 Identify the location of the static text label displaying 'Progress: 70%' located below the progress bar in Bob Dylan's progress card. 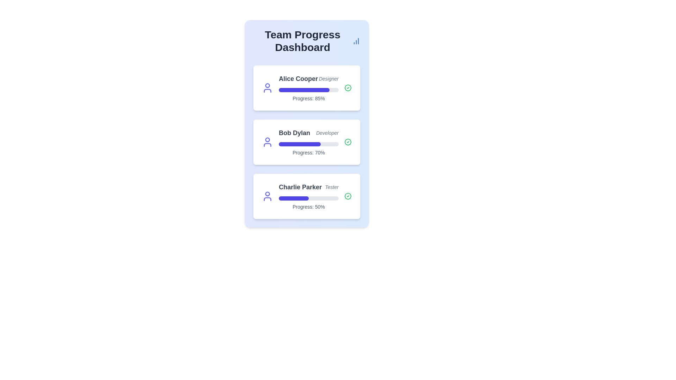
(308, 152).